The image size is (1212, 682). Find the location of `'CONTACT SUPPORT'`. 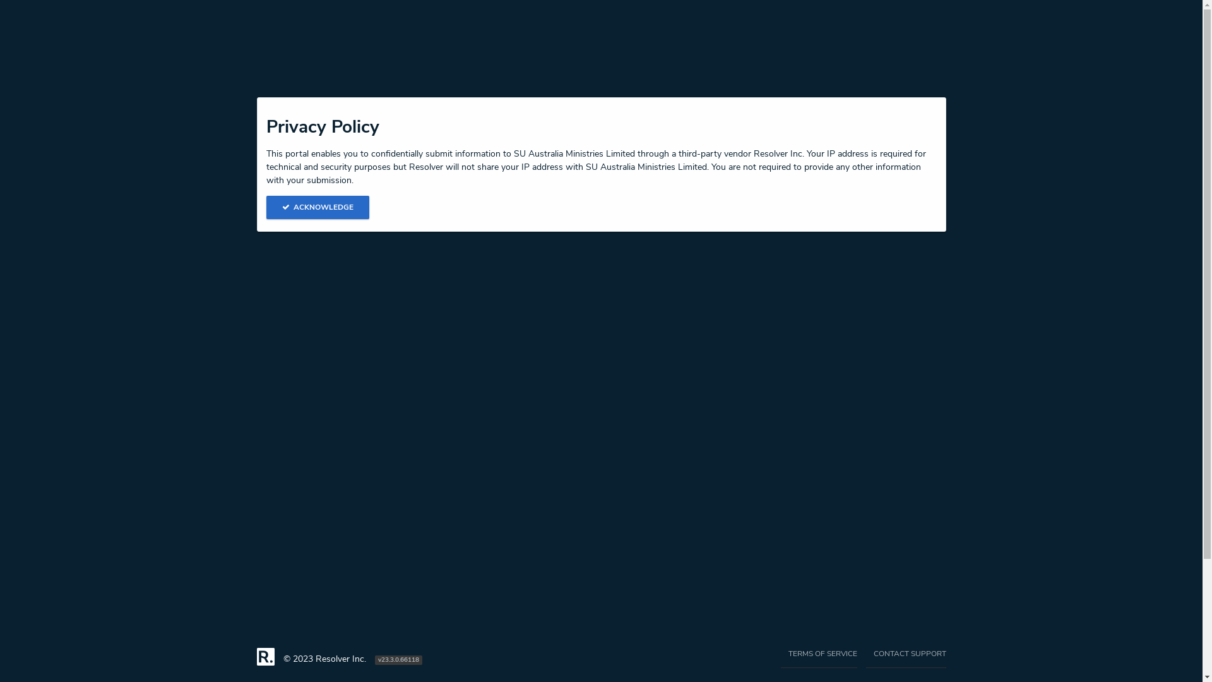

'CONTACT SUPPORT' is located at coordinates (865, 657).